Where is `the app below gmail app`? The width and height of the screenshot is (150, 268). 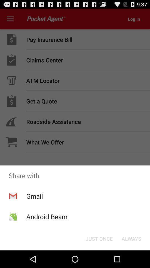
the app below gmail app is located at coordinates (46, 216).